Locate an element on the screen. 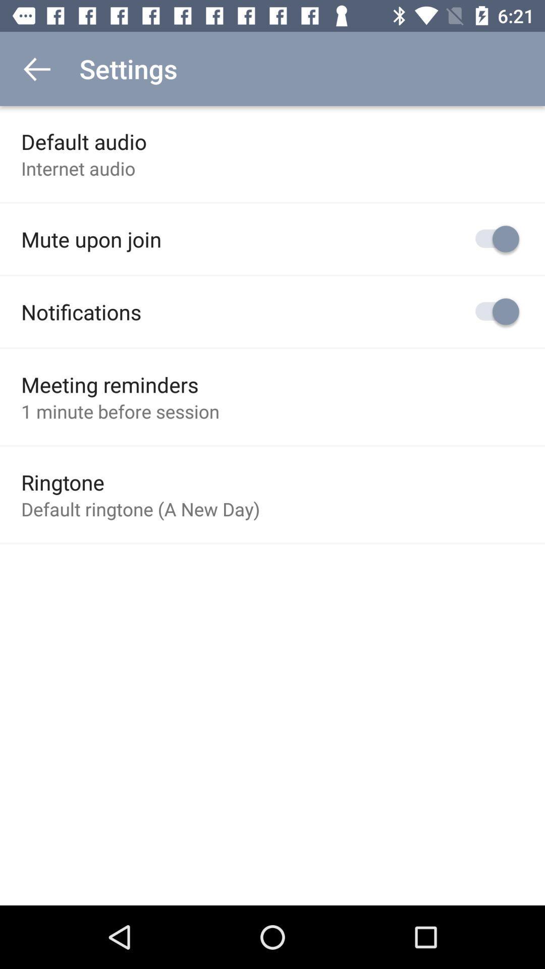 The height and width of the screenshot is (969, 545). the mute upon join is located at coordinates (91, 239).